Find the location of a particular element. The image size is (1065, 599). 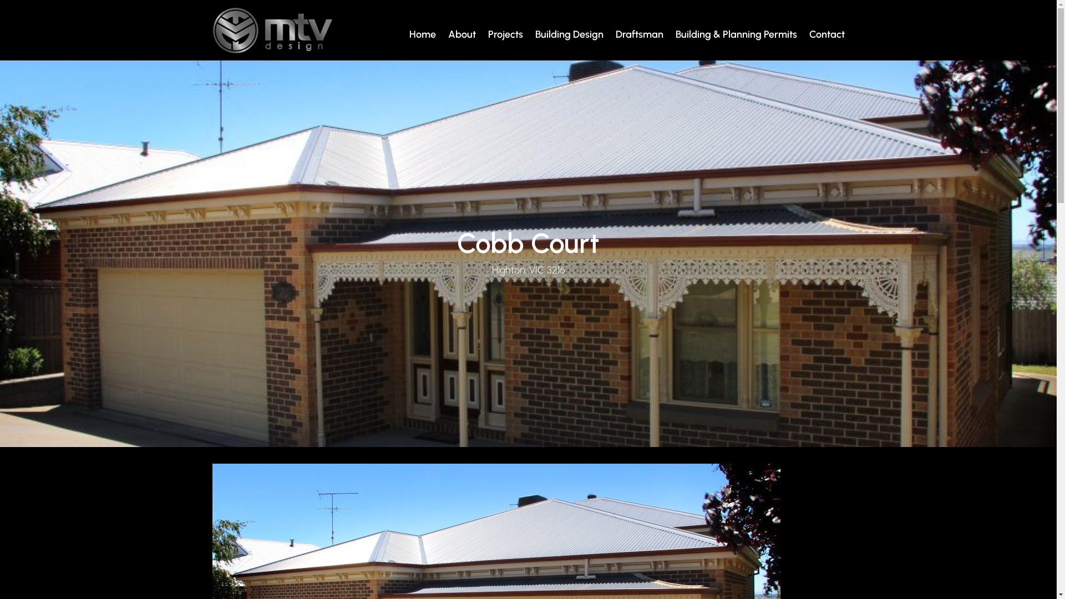

'Building Design' is located at coordinates (567, 34).